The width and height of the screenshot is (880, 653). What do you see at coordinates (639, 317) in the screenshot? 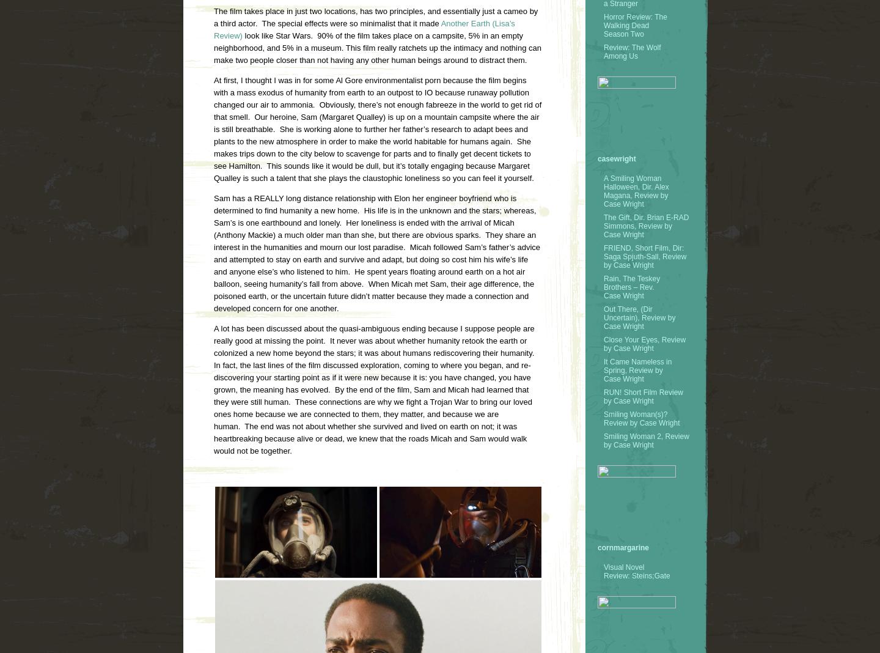
I see `'Out There, (Dir Uncertain),  Review by Case Wright'` at bounding box center [639, 317].